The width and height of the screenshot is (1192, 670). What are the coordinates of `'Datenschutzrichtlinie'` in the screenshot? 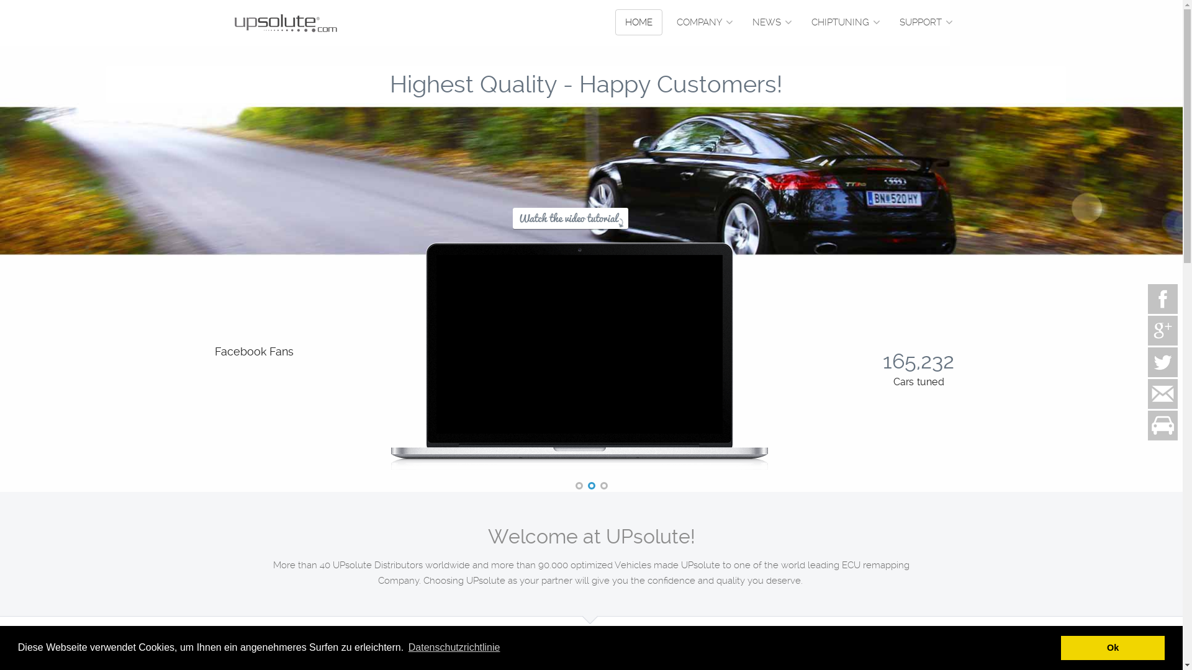 It's located at (406, 647).